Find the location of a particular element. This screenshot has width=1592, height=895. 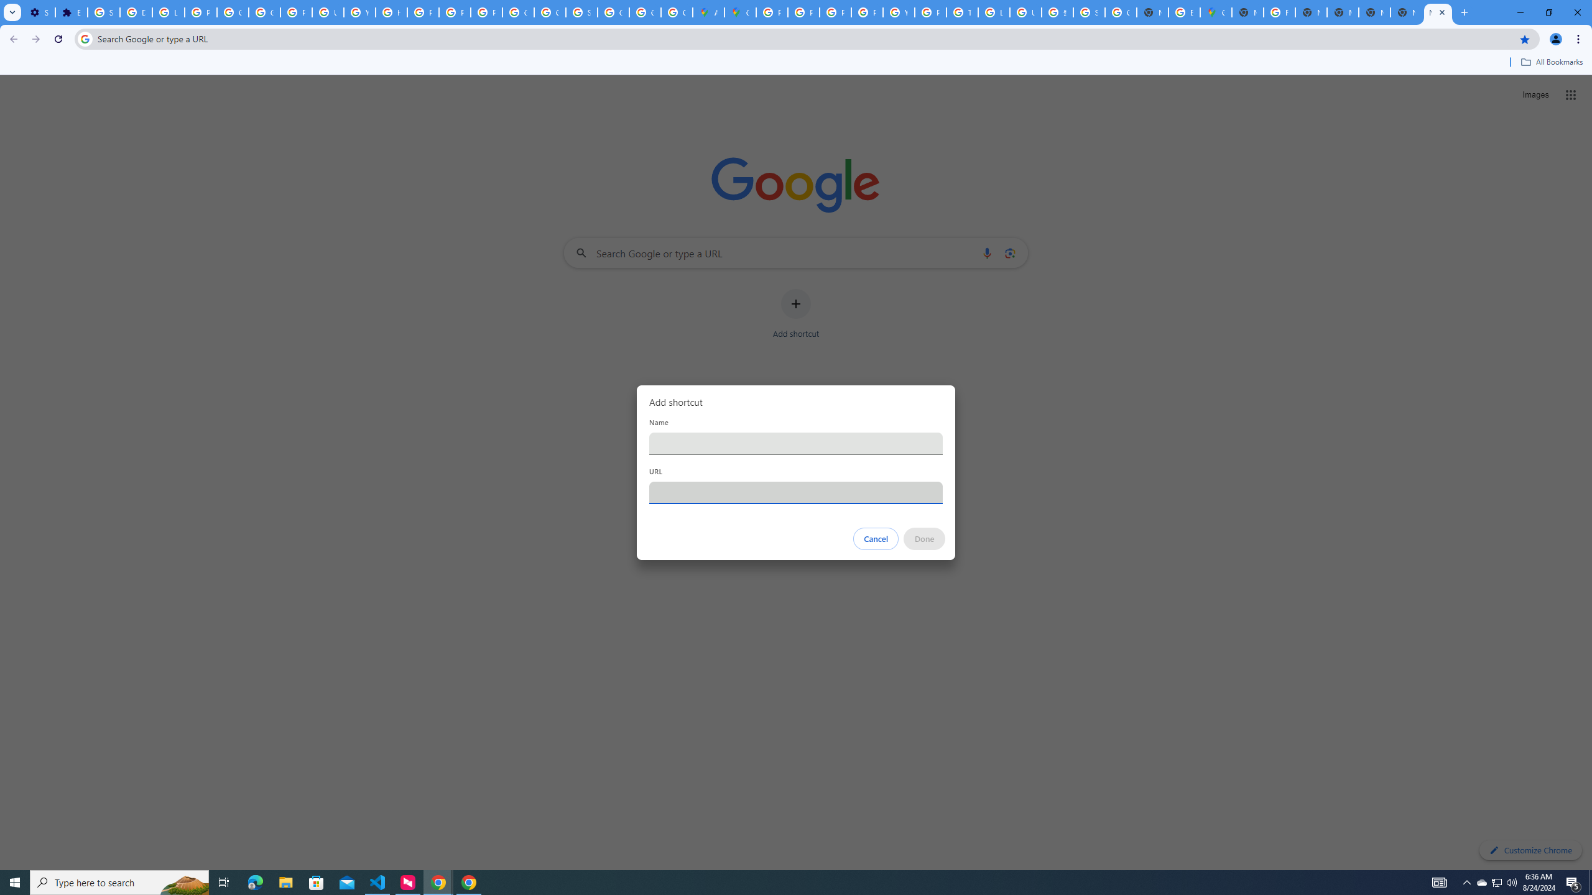

'Settings - On startup' is located at coordinates (38, 12).